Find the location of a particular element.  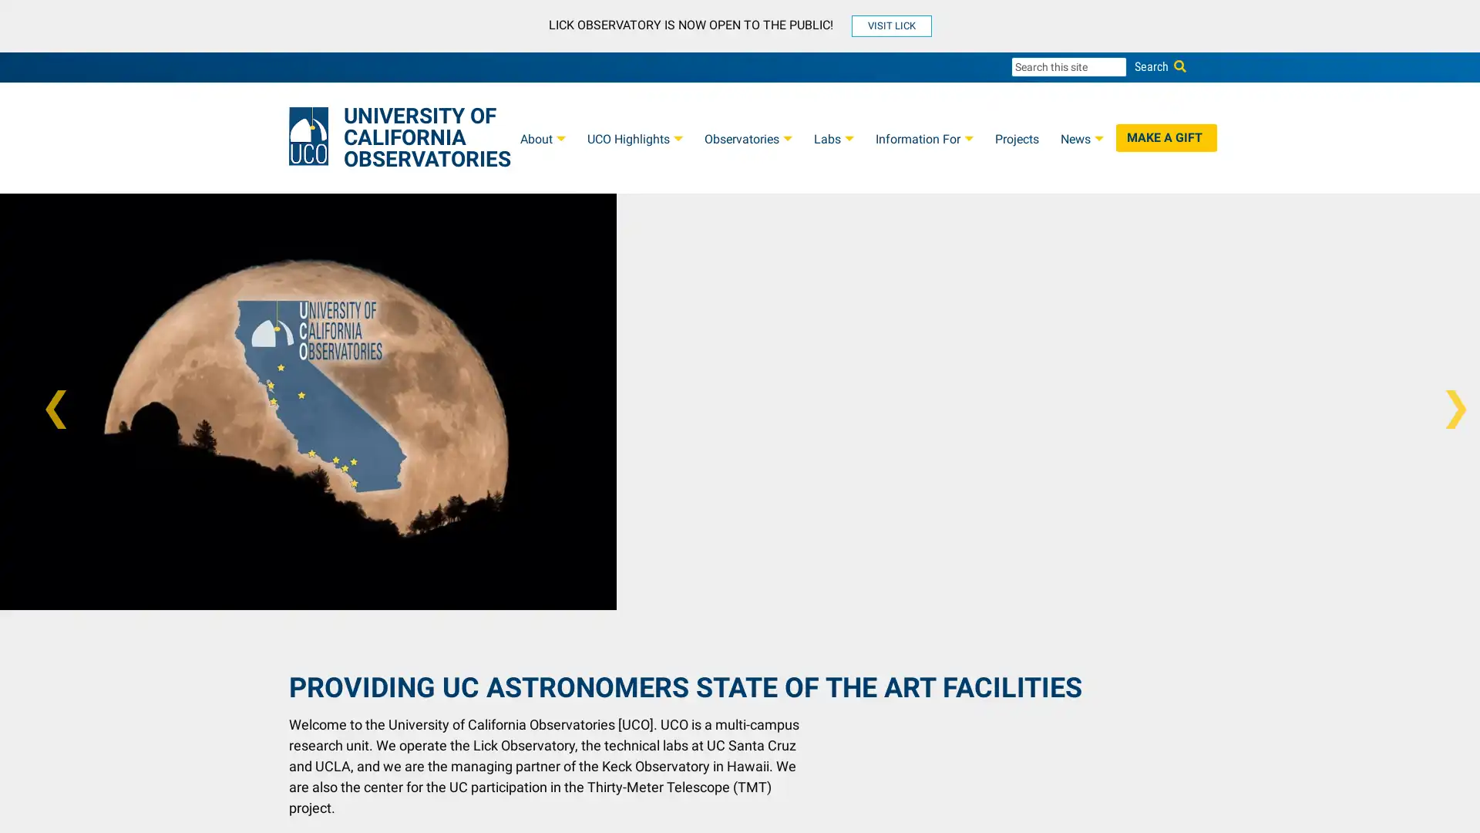

Next is located at coordinates (1438, 400).